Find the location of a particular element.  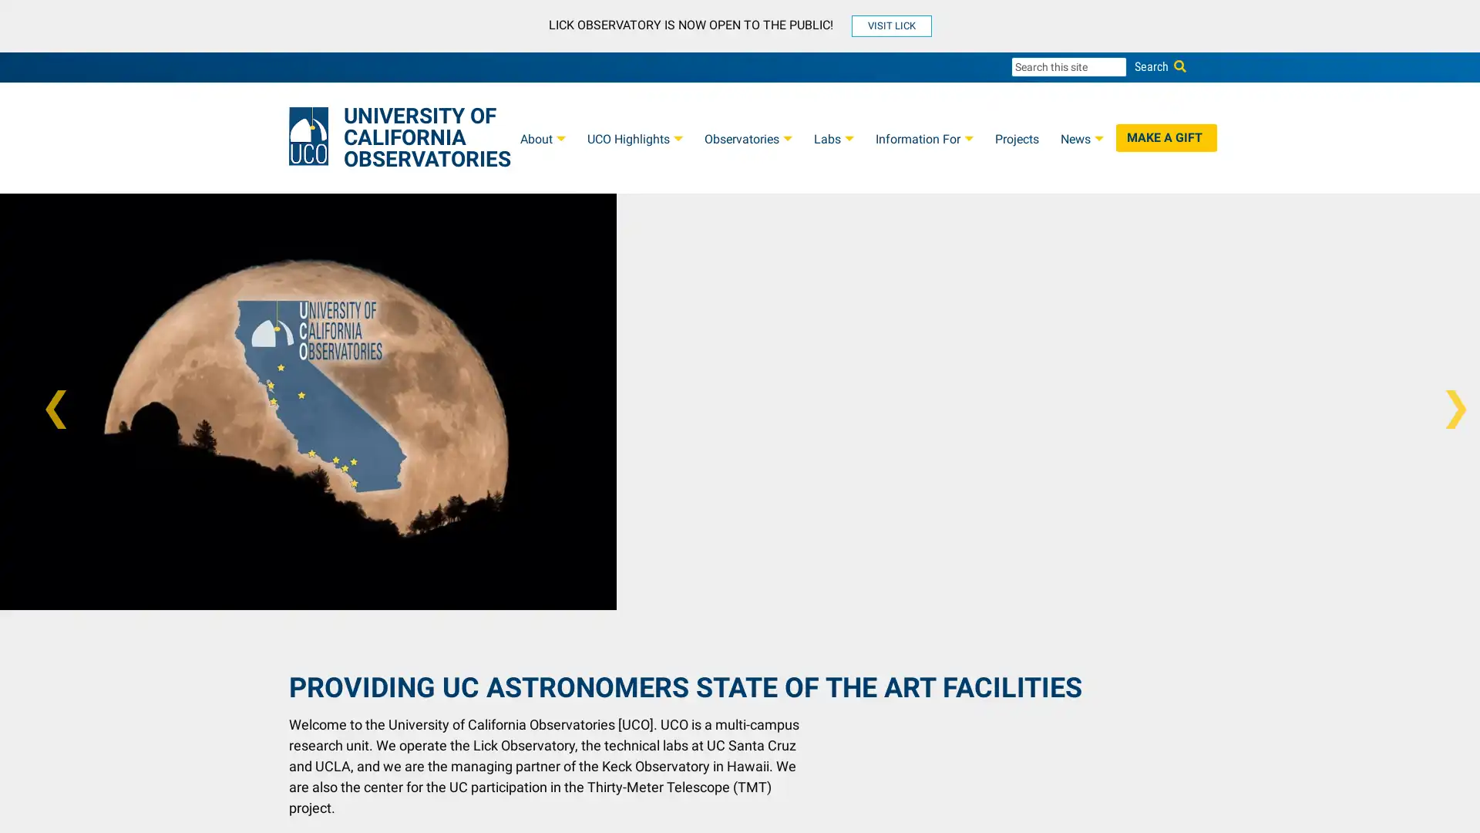

Next is located at coordinates (1438, 400).